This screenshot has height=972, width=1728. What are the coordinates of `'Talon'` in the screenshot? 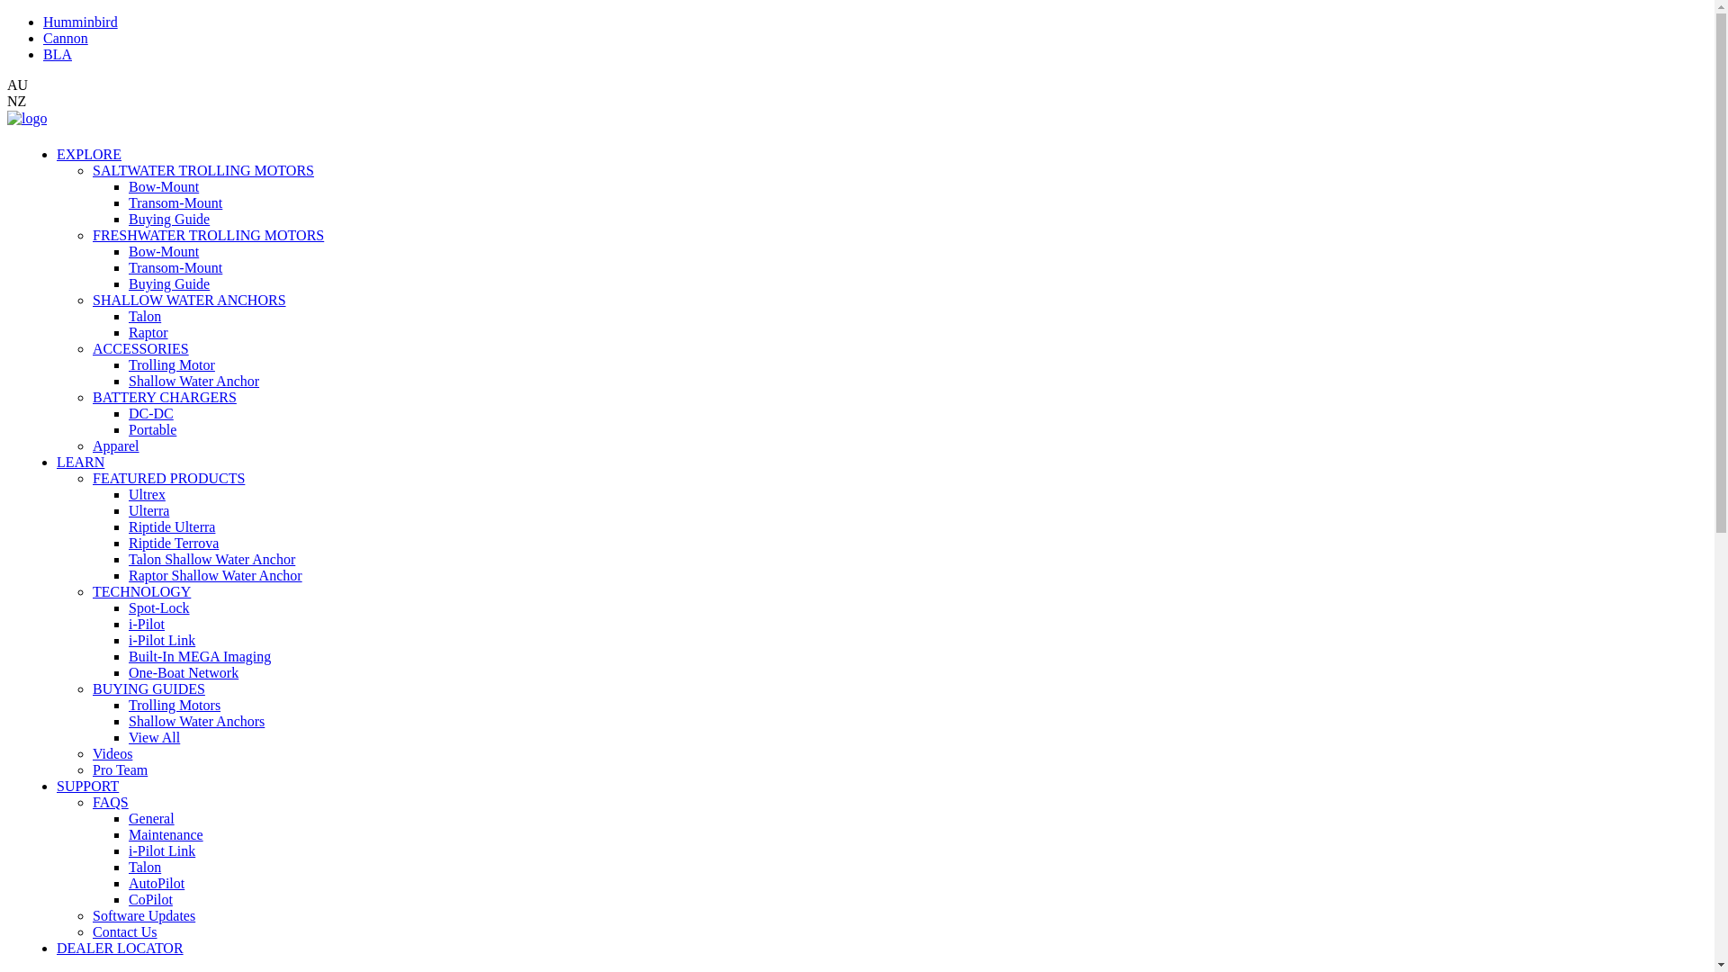 It's located at (145, 315).